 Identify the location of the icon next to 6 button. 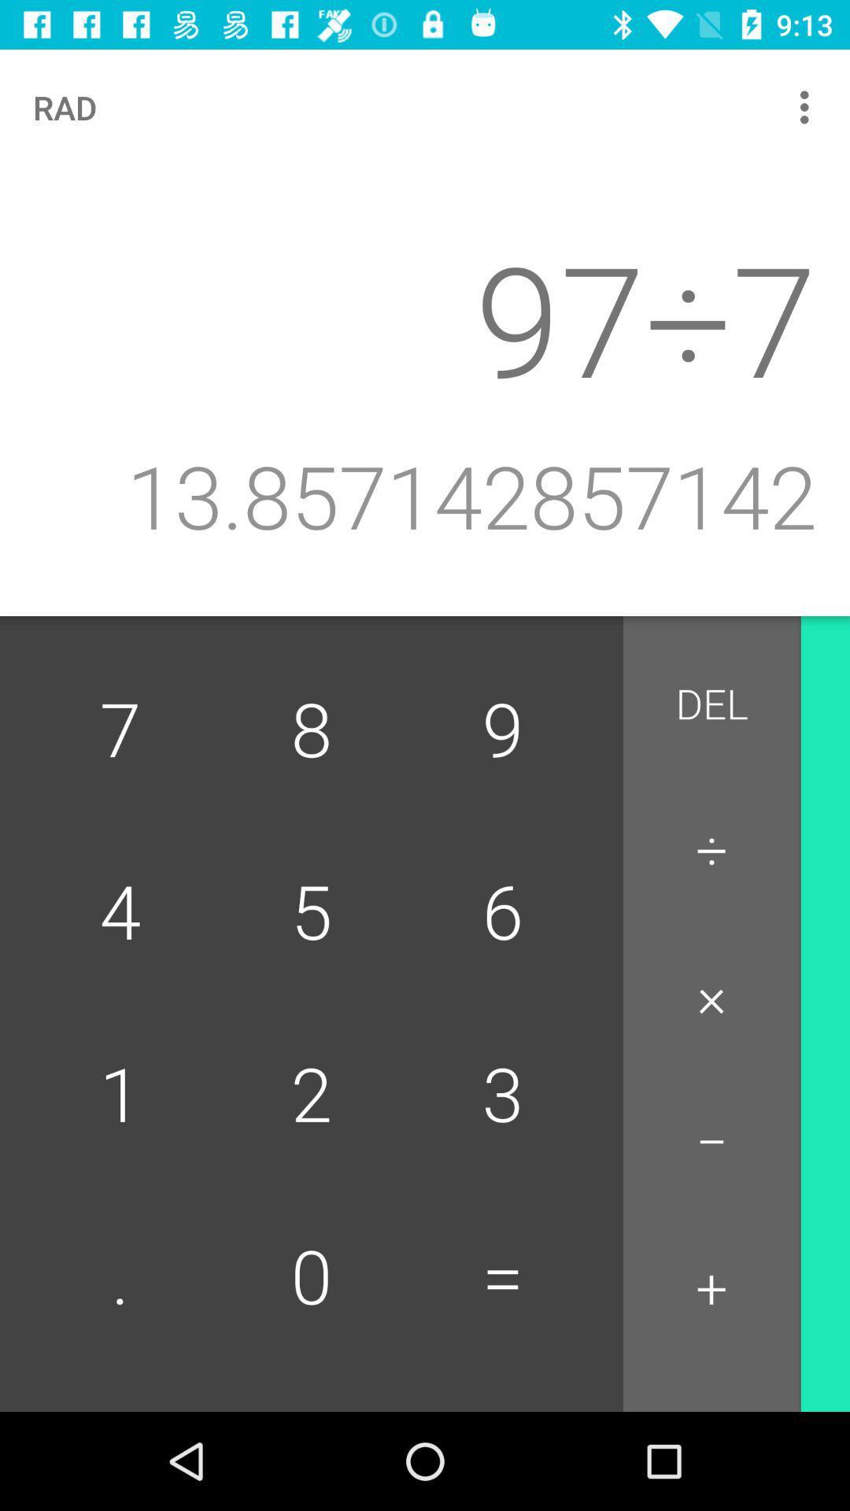
(711, 996).